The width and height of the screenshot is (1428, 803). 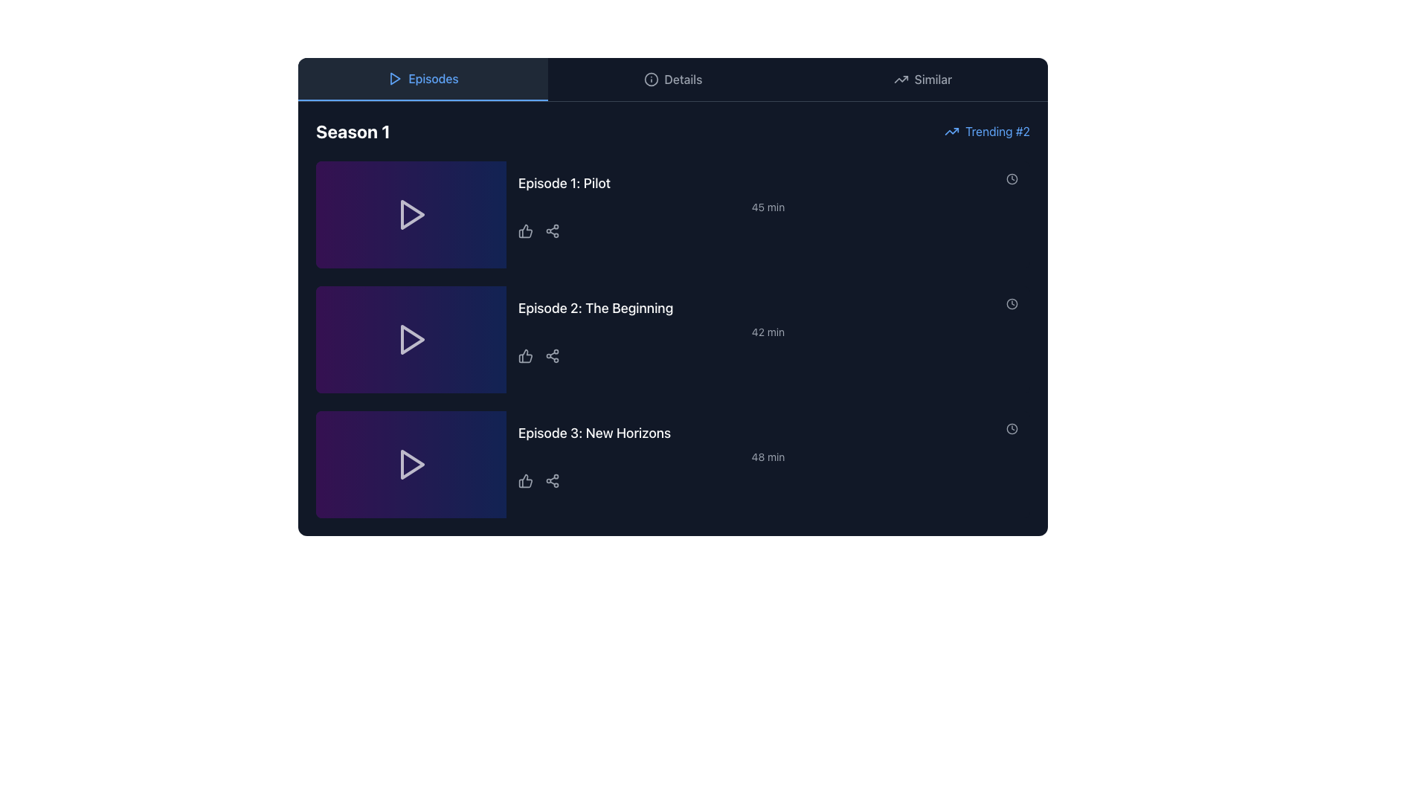 I want to click on the white triangular play icon located inside the rectangular tile for 'Episode 3: New Horizons' to change its opacity, so click(x=411, y=463).